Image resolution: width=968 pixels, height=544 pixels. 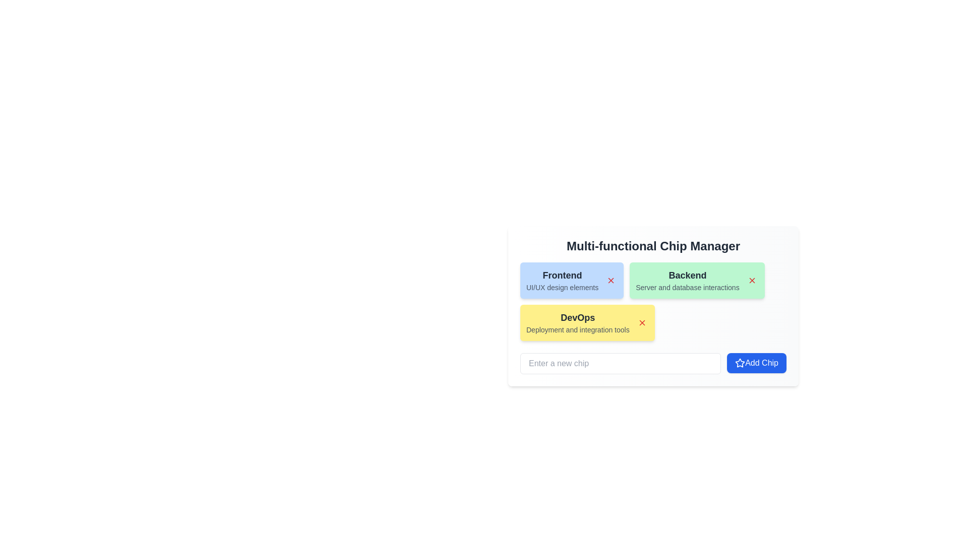 I want to click on the Text Label that contains 'Backend' in bold and 'Server and database interactions' in smaller font, which is set against a rounded green background, so click(x=687, y=280).